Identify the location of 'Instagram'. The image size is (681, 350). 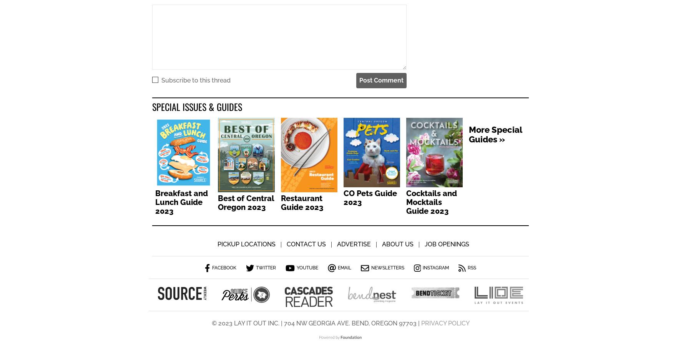
(435, 268).